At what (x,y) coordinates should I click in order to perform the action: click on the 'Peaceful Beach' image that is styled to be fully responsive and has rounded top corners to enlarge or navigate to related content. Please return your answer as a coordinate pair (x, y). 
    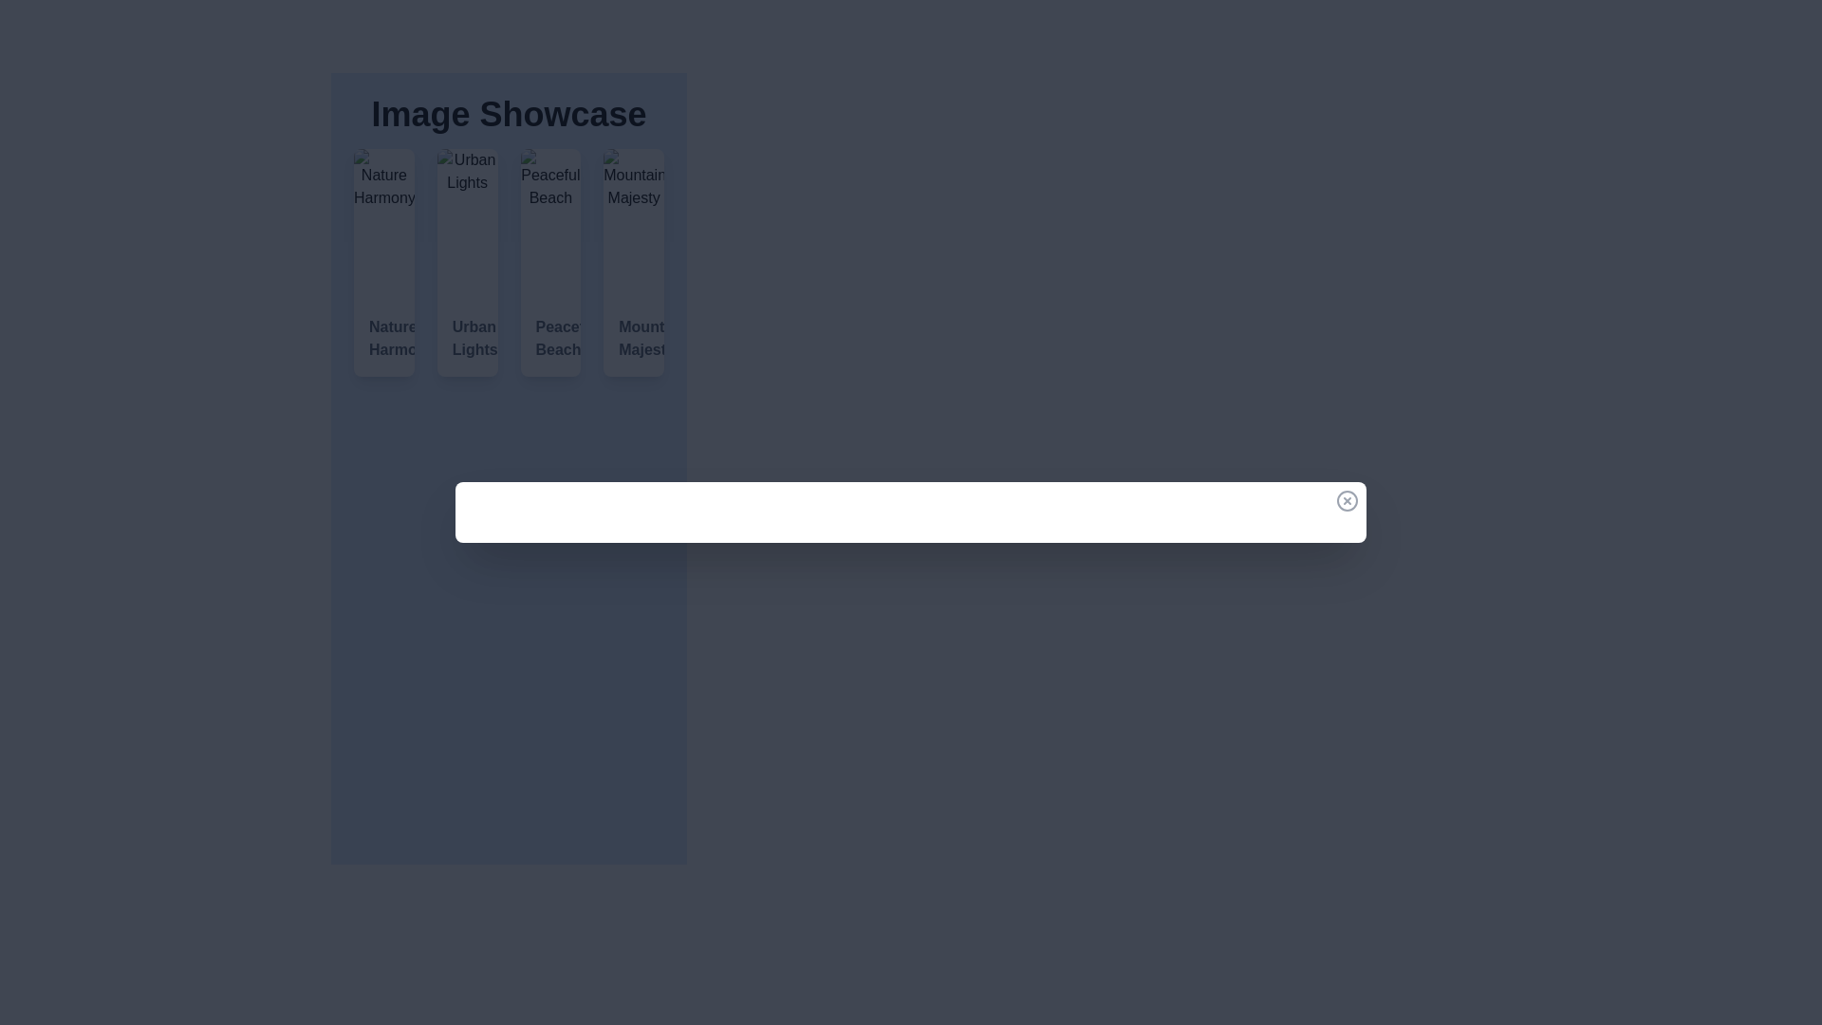
    Looking at the image, I should click on (549, 223).